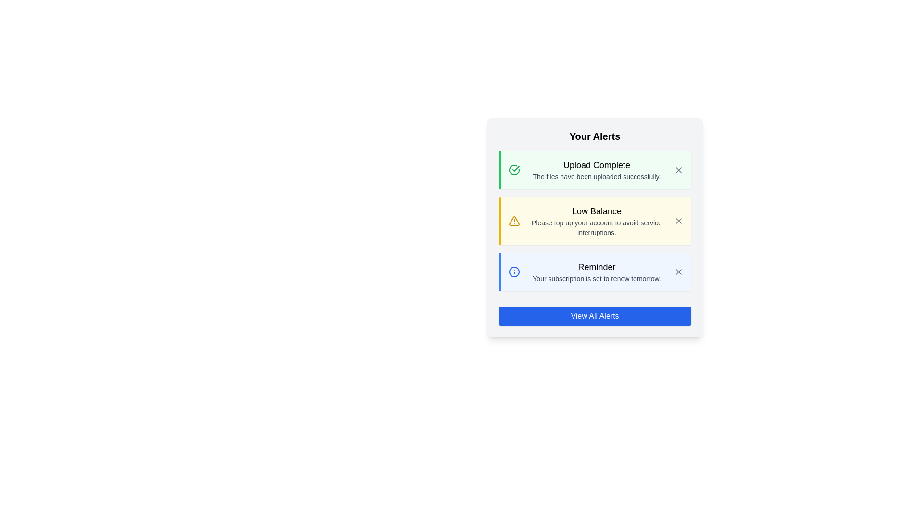 The image size is (923, 519). What do you see at coordinates (678, 170) in the screenshot?
I see `the interactive 'X' button to the right of the 'Upload Complete' notification to change its color, indicating interactivity` at bounding box center [678, 170].